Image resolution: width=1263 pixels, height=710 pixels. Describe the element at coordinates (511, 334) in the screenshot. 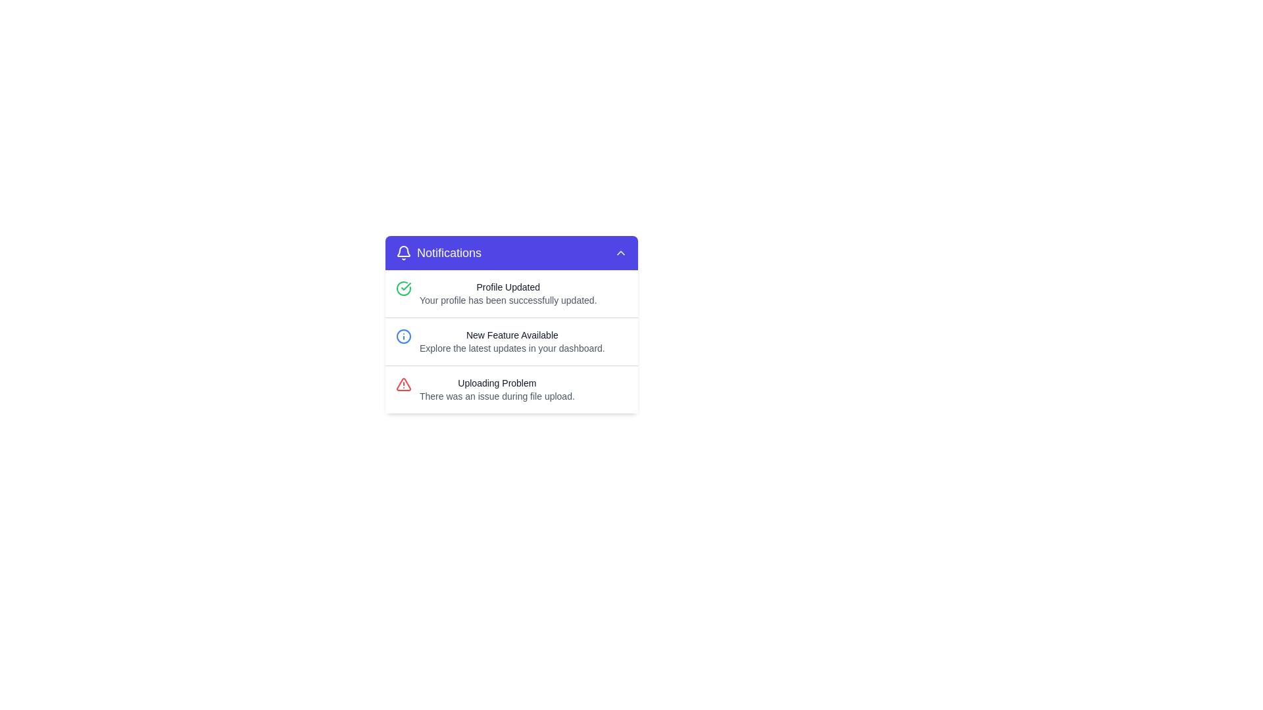

I see `text label indicating the presence of a new feature, located in the second notification item under the 'Notifications' header, following 'Profile Updated'` at that location.